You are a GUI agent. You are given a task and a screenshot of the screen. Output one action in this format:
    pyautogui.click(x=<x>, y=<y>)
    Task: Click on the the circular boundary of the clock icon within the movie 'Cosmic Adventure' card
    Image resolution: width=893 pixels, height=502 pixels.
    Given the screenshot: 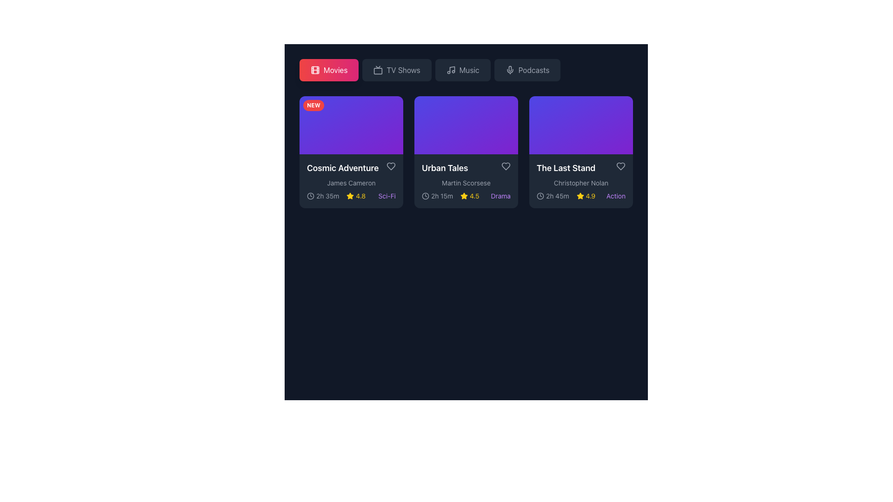 What is the action you would take?
    pyautogui.click(x=310, y=195)
    